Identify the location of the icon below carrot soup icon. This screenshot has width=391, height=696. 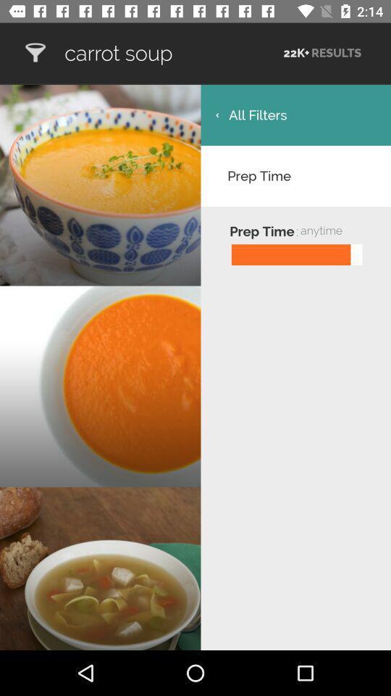
(295, 114).